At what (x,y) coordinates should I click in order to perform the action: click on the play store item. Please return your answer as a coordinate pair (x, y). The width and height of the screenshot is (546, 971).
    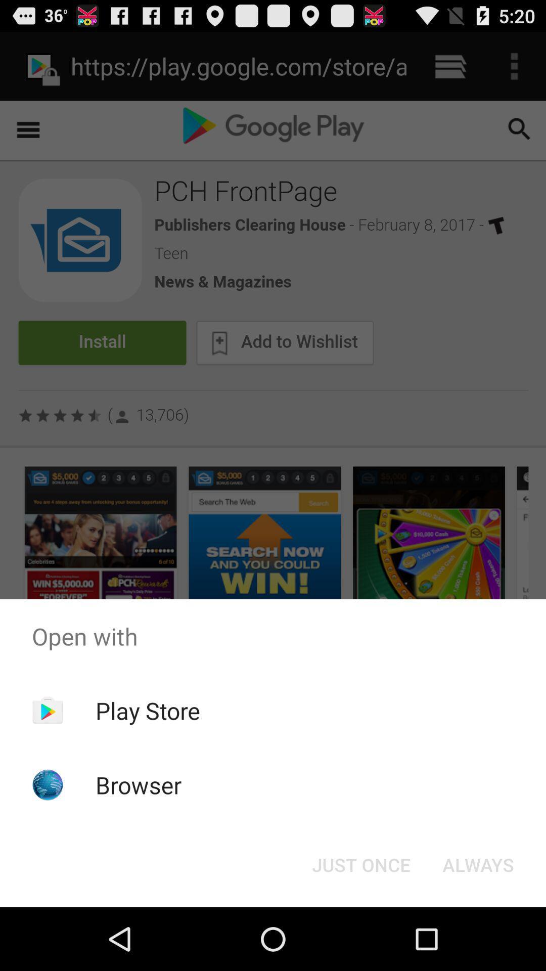
    Looking at the image, I should click on (148, 710).